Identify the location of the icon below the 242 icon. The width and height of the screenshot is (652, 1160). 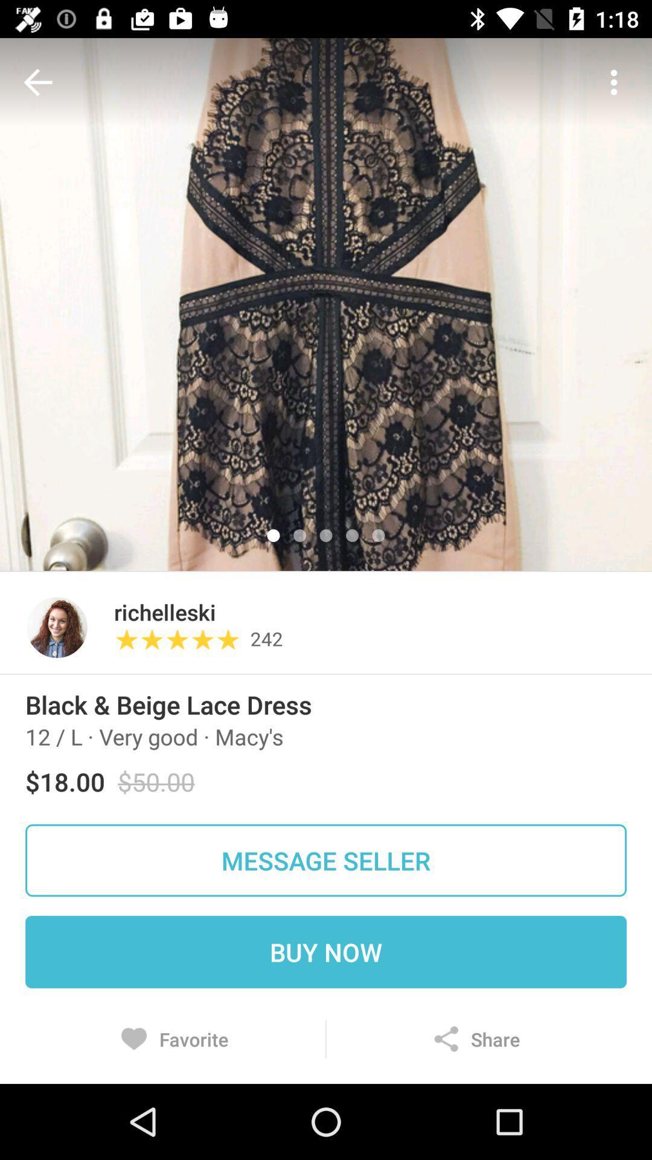
(326, 673).